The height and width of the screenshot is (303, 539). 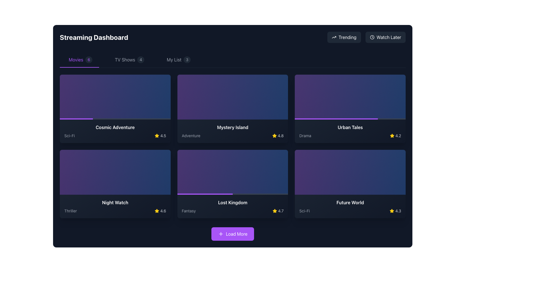 What do you see at coordinates (76, 59) in the screenshot?
I see `the 'Movies' text label in the navigation bar` at bounding box center [76, 59].